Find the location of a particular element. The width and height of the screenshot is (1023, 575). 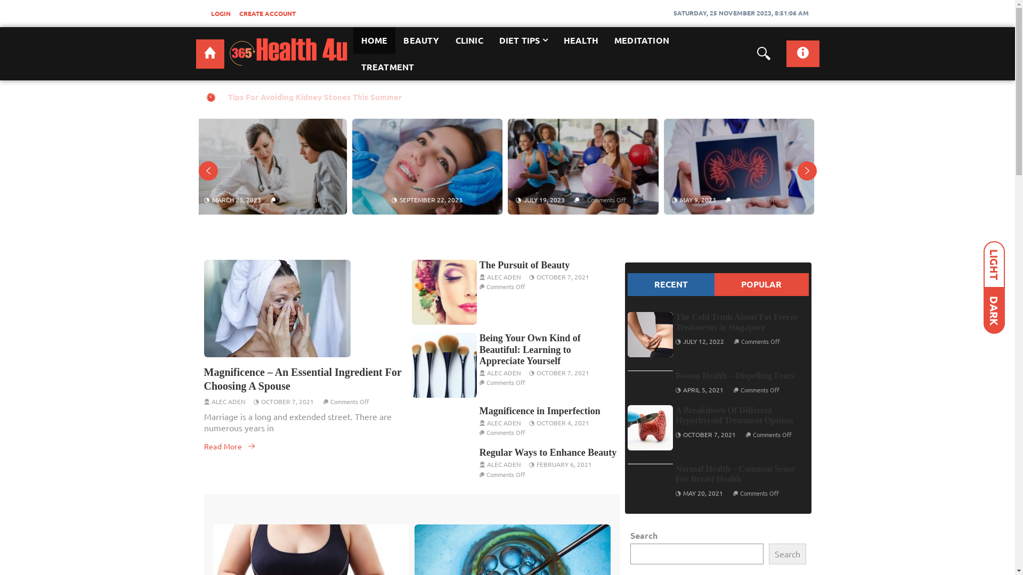

'OCTOBER 7, 2021' is located at coordinates (261, 401).